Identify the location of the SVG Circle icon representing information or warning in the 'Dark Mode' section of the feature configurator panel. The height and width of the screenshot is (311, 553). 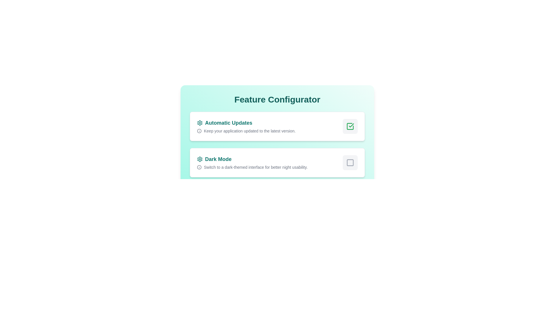
(199, 167).